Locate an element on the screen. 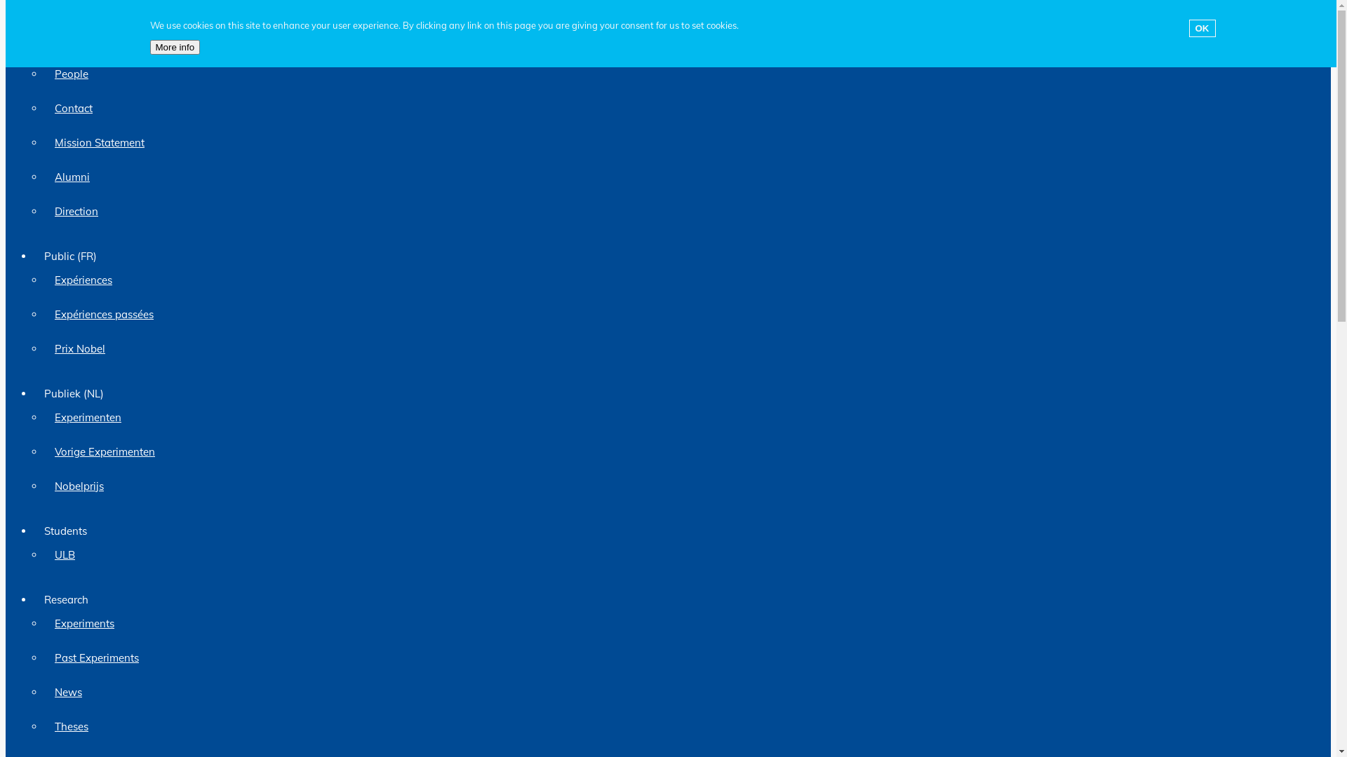 The width and height of the screenshot is (1347, 757). 'More info' is located at coordinates (150, 46).